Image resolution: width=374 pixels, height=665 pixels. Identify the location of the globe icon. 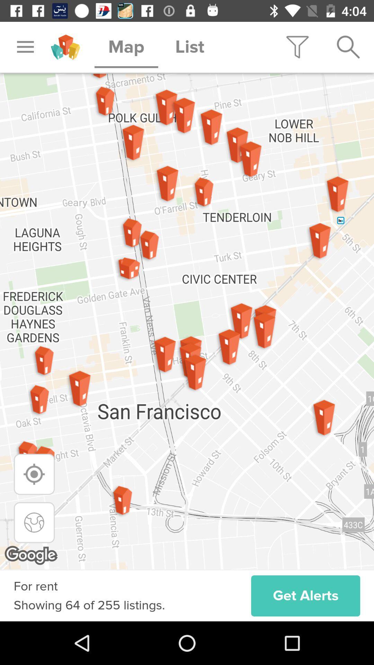
(34, 522).